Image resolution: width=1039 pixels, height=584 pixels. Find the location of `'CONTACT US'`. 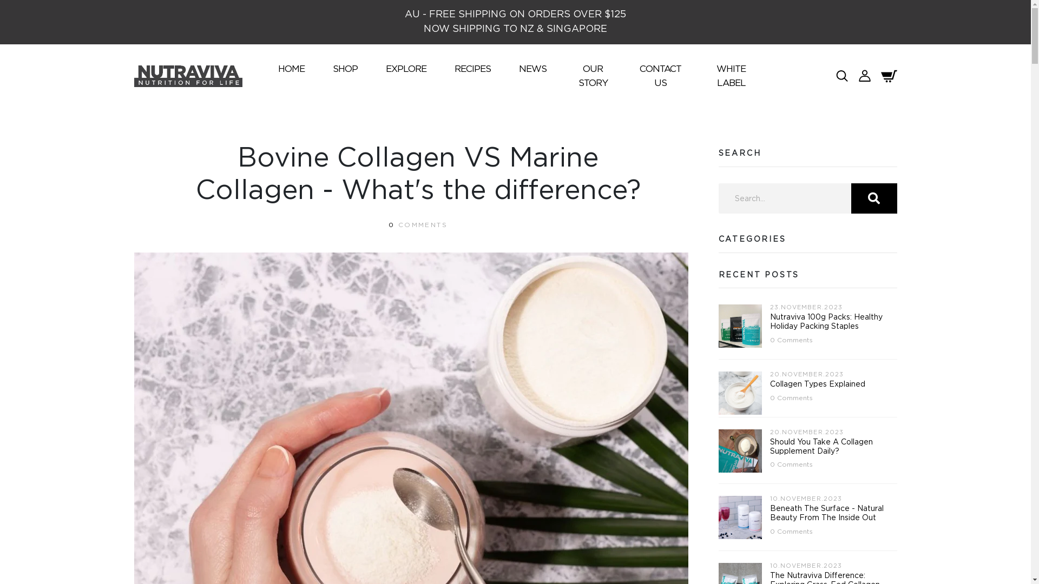

'CONTACT US' is located at coordinates (635, 75).